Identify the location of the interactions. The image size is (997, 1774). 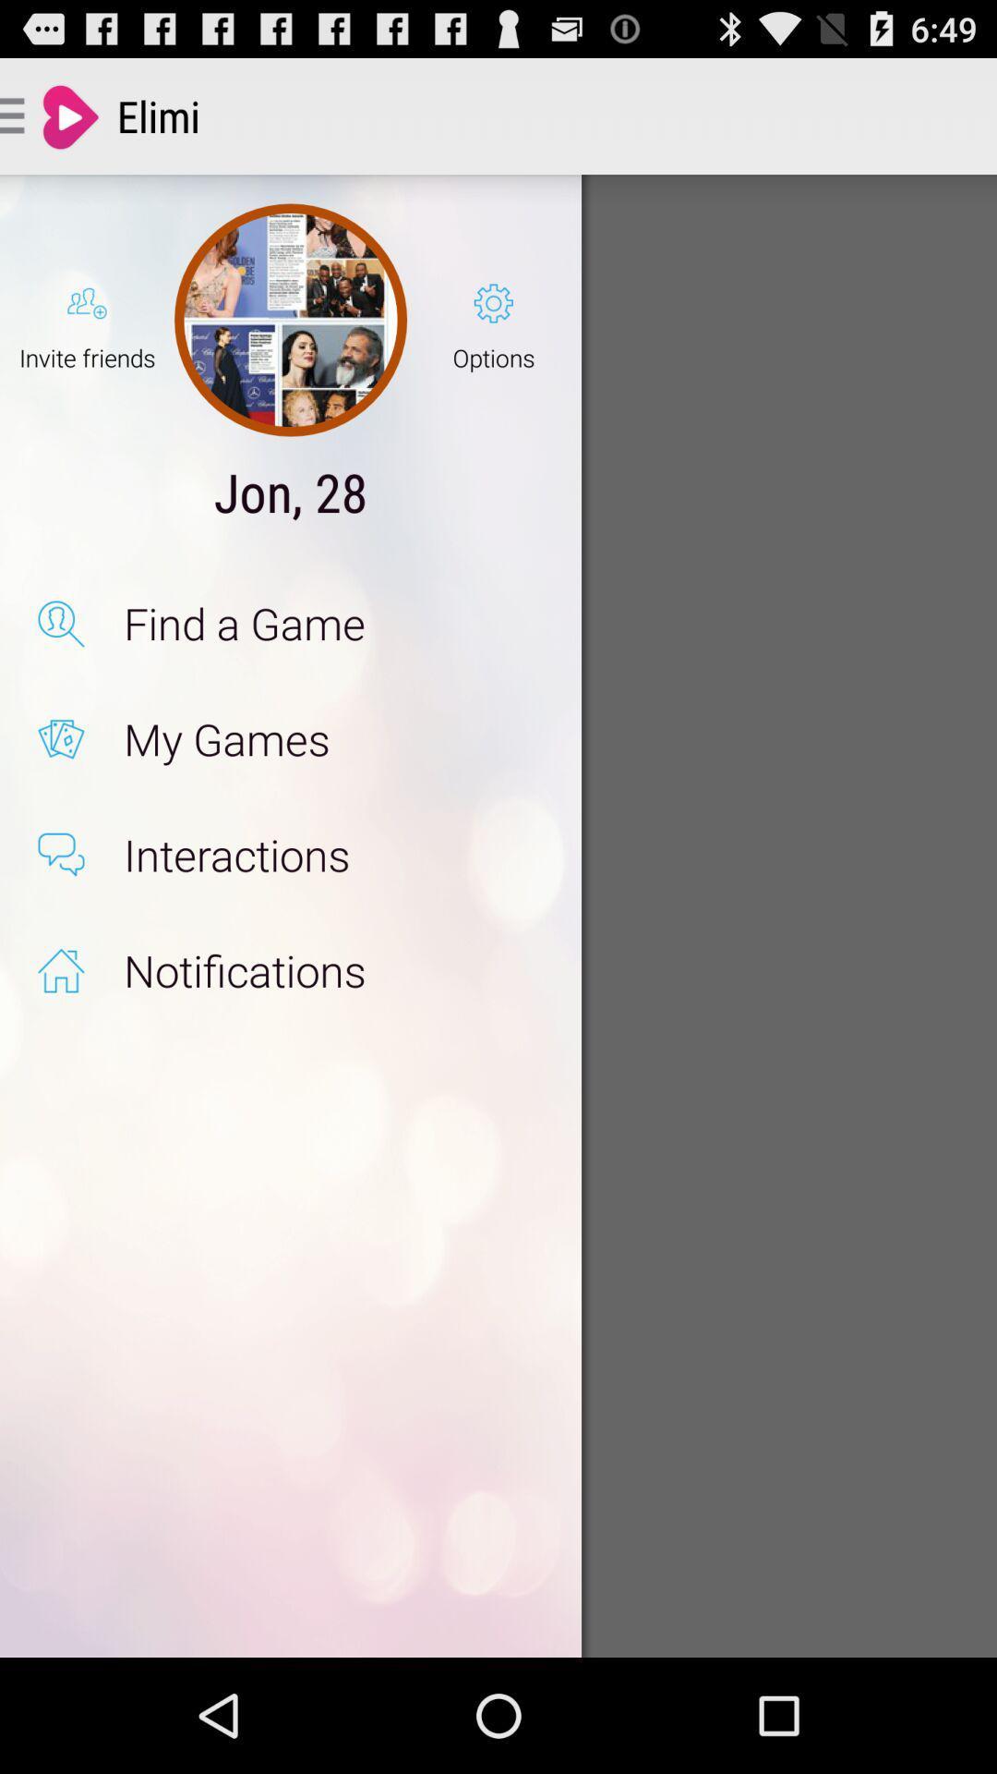
(333, 854).